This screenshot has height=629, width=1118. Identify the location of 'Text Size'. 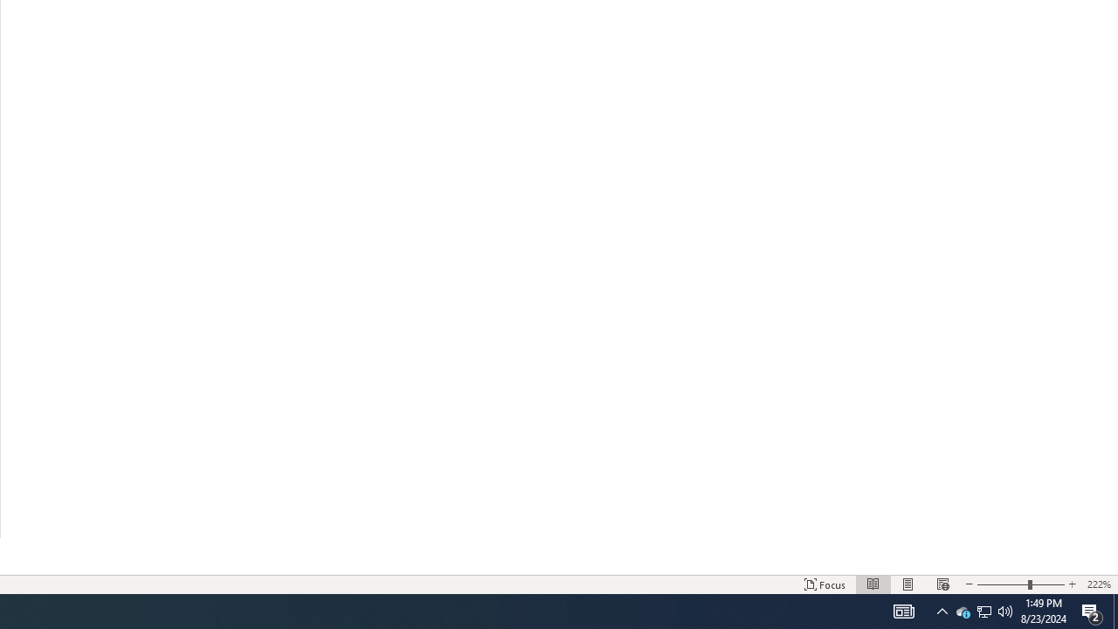
(1020, 584).